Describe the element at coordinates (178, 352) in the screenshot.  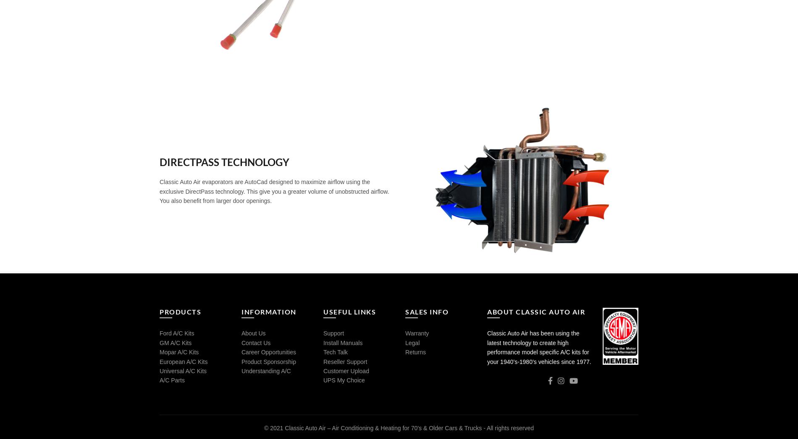
I see `'Mopar A/C Kits'` at that location.